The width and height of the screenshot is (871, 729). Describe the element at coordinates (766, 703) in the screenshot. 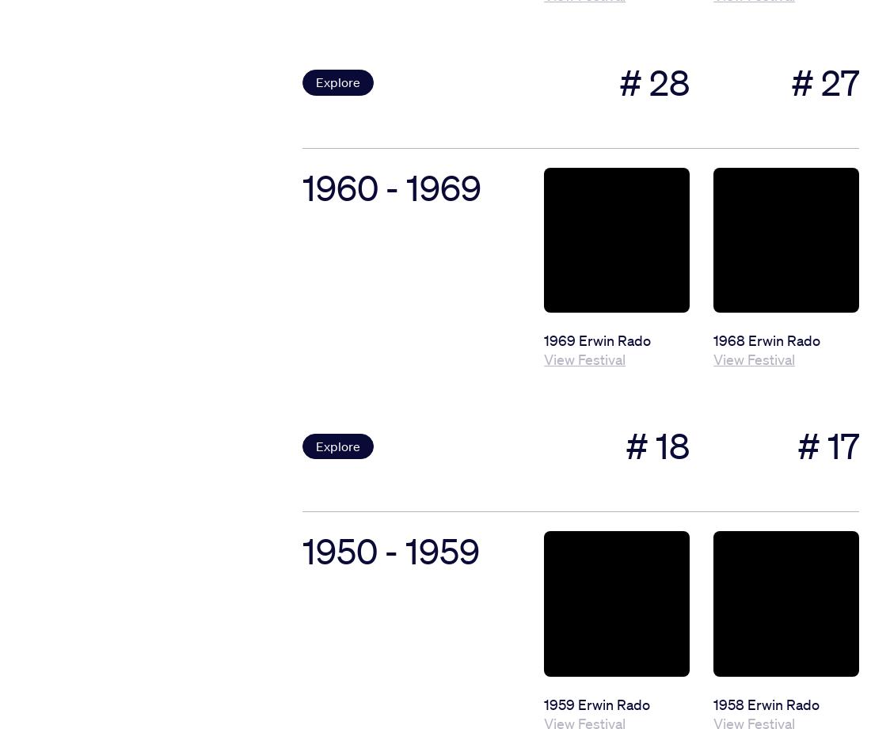

I see `'1958 Erwin Rado'` at that location.